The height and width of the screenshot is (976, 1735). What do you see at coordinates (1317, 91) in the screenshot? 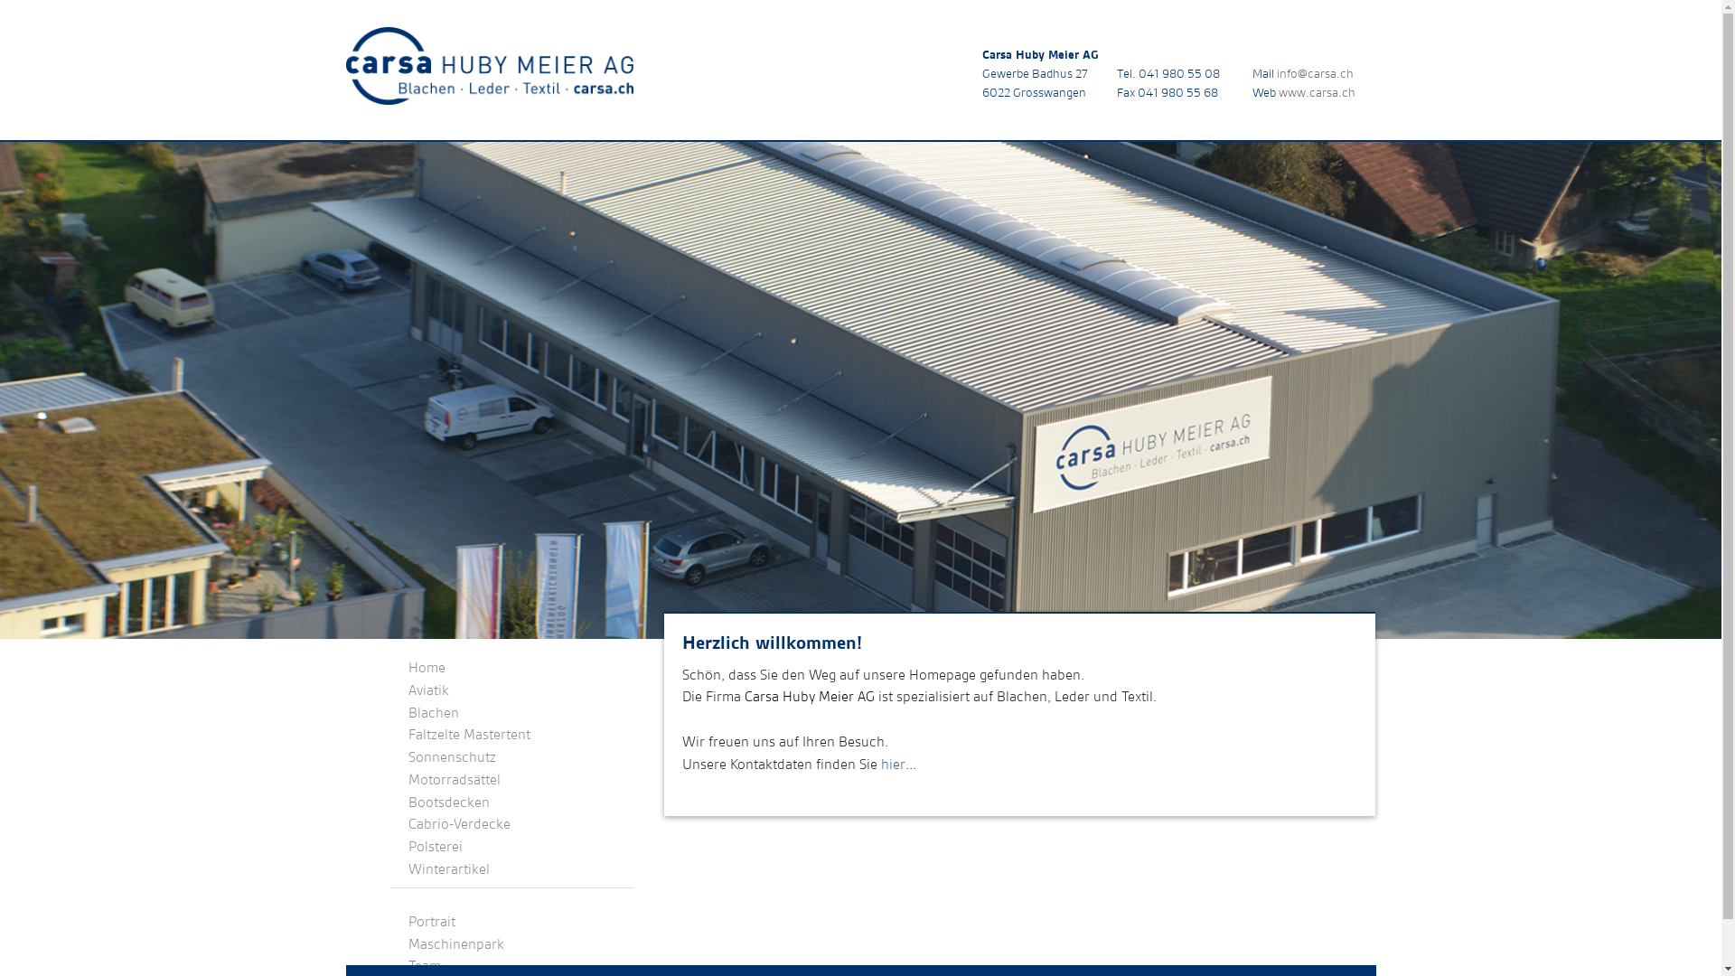
I see `'www.carsa.ch'` at bounding box center [1317, 91].